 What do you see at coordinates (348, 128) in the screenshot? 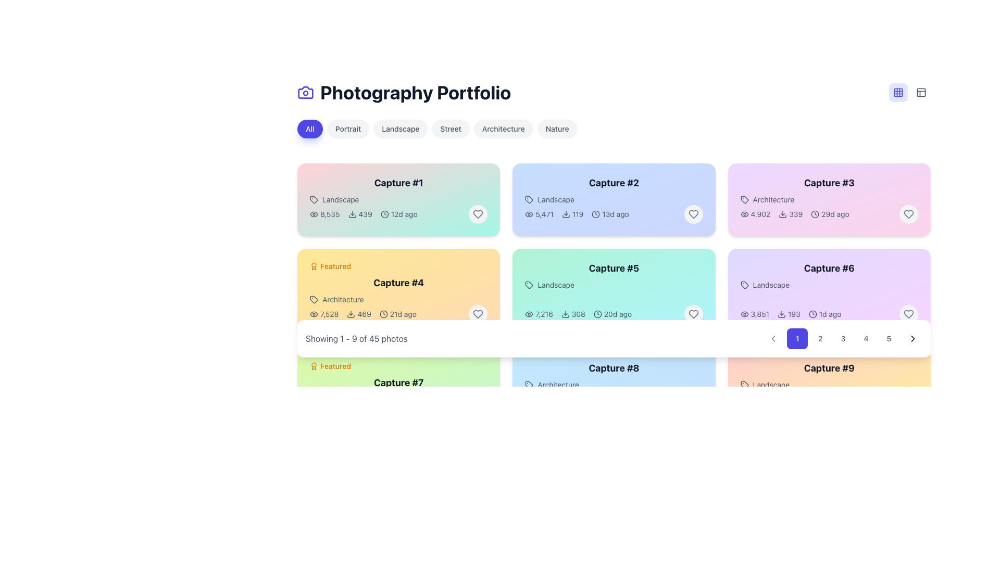
I see `the 'Portrait' button, which is a rectangular button with a light-gray background and dark-gray text, to filter content by the 'Portrait' tag` at bounding box center [348, 128].